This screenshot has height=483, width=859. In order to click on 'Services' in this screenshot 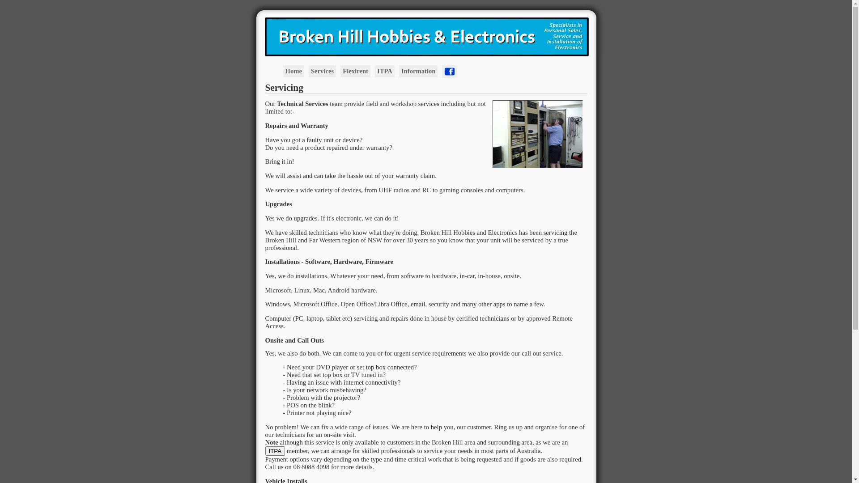, I will do `click(309, 71)`.